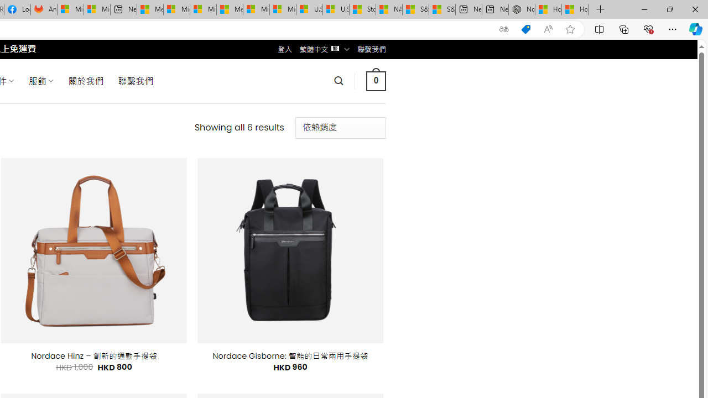 The width and height of the screenshot is (708, 398). What do you see at coordinates (525, 29) in the screenshot?
I see `'This site has coupons! Shopping in Microsoft Edge'` at bounding box center [525, 29].